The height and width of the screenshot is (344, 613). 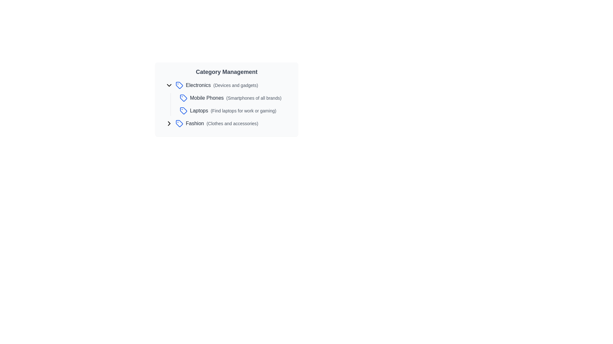 What do you see at coordinates (183, 98) in the screenshot?
I see `the blue outlined tag icon located to the left of the 'Mobile Phones' text in the 'Mobile Phones (Smartphones of all brands)' section` at bounding box center [183, 98].